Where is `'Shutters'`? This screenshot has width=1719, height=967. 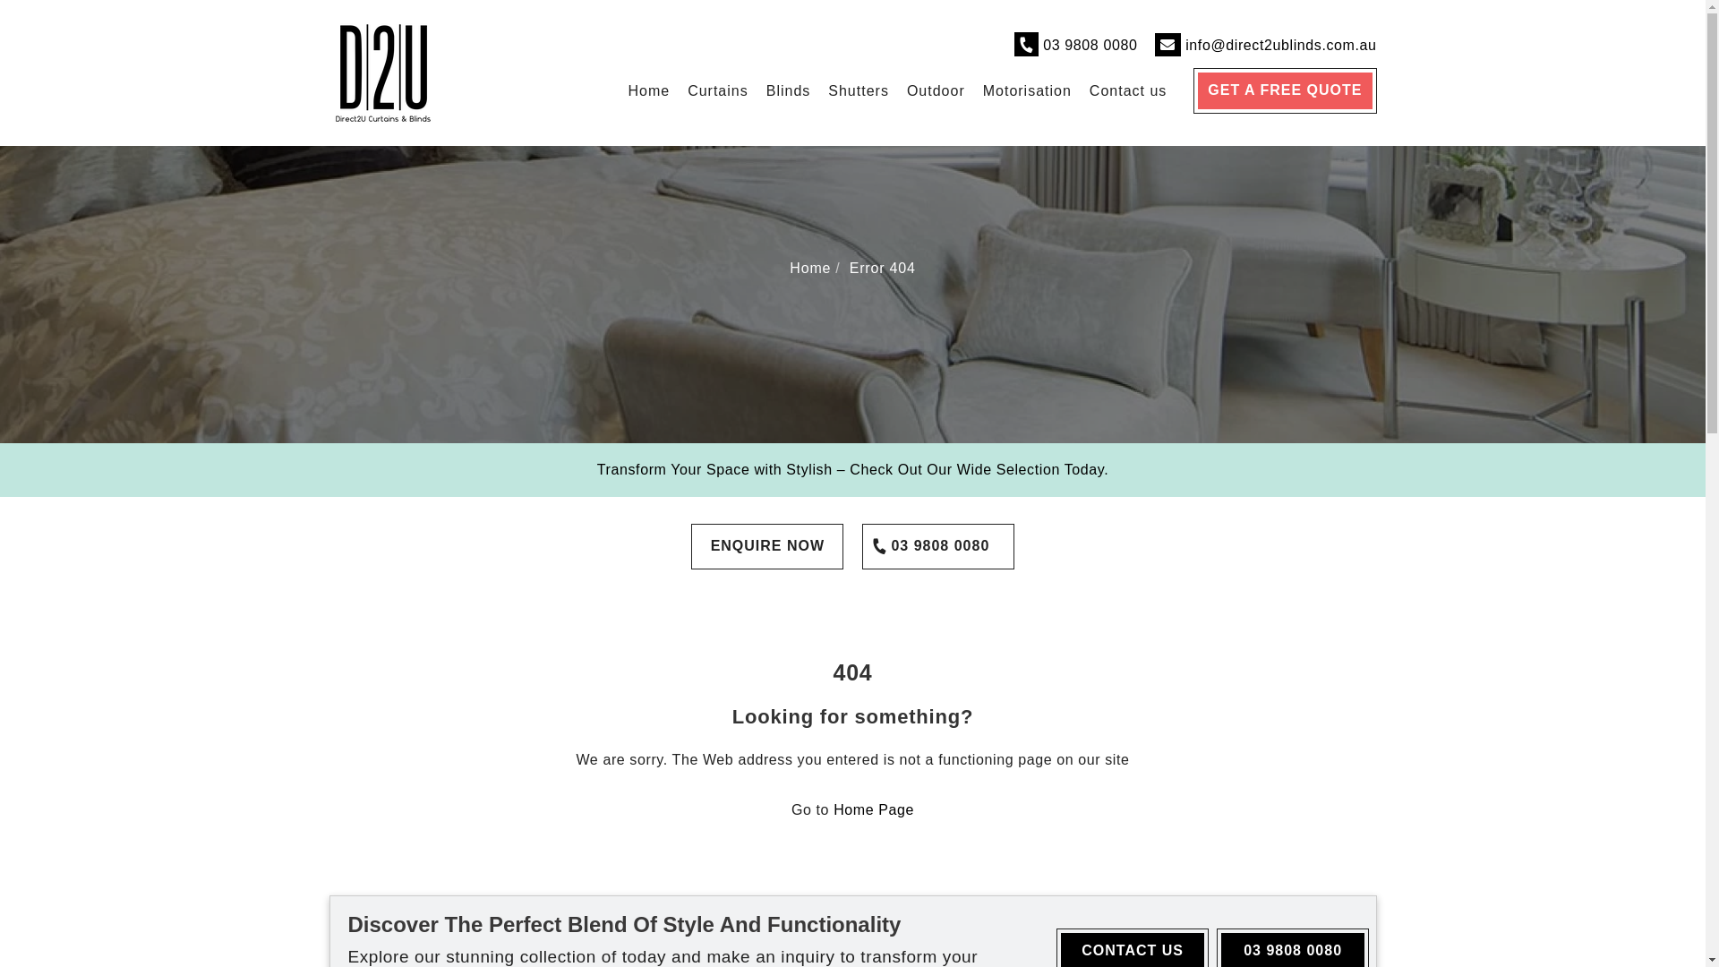 'Shutters' is located at coordinates (858, 90).